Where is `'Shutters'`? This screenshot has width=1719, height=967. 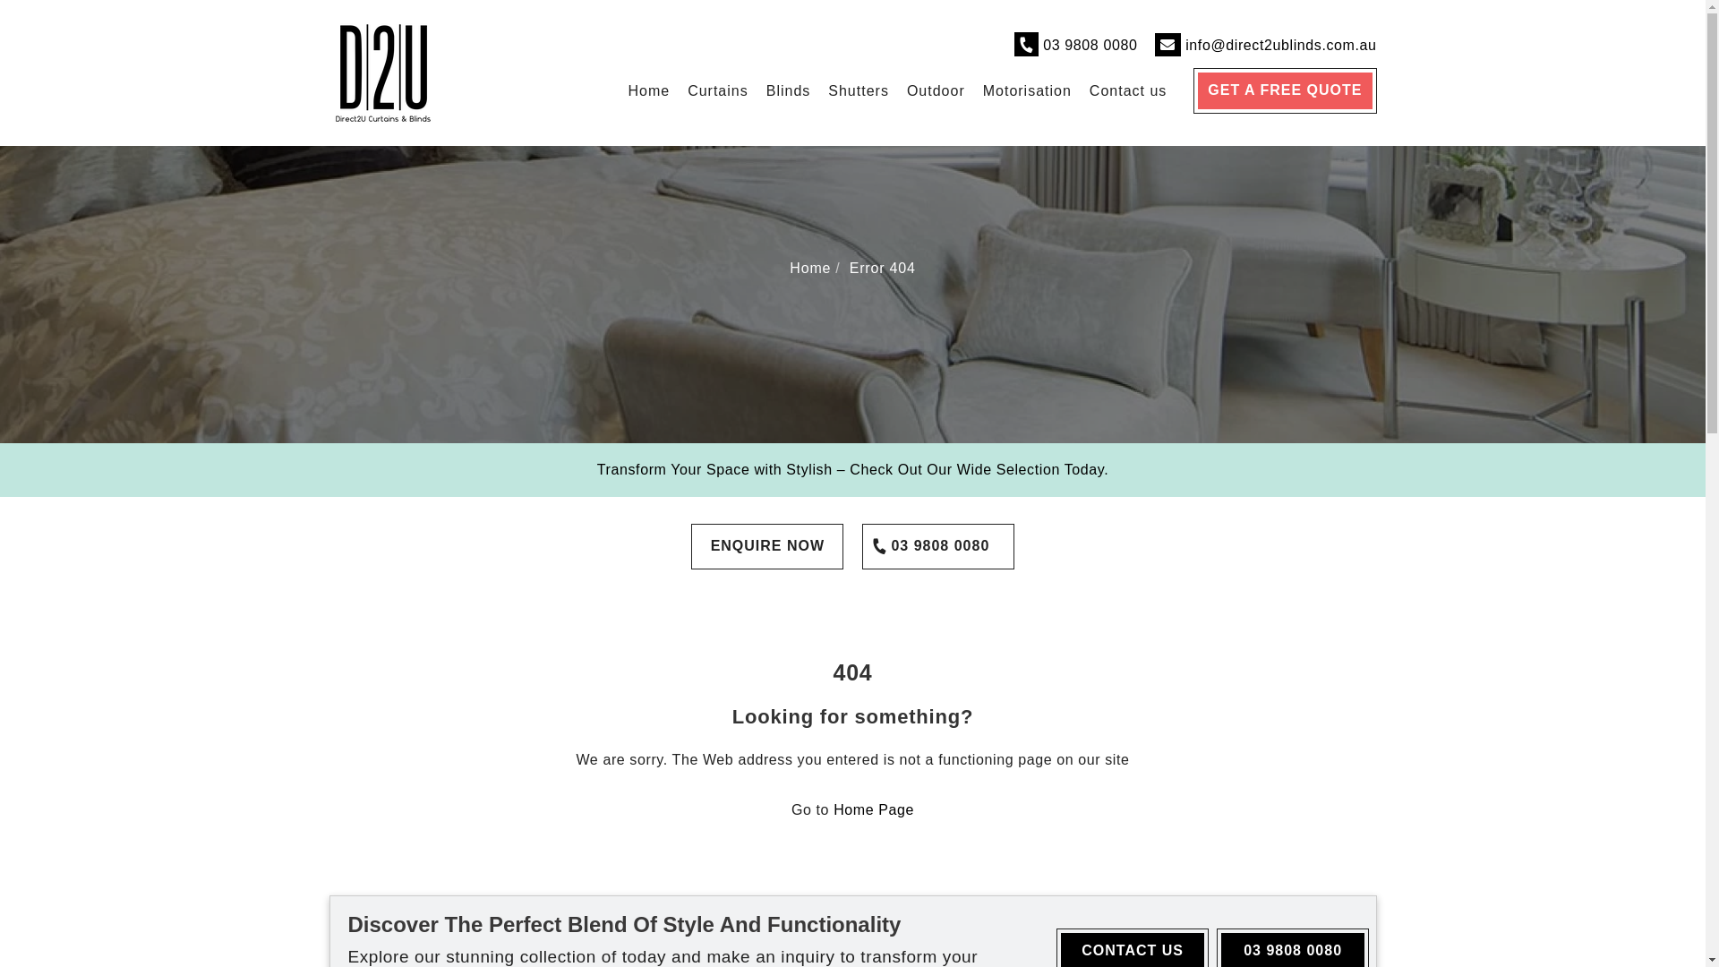 'Shutters' is located at coordinates (858, 90).